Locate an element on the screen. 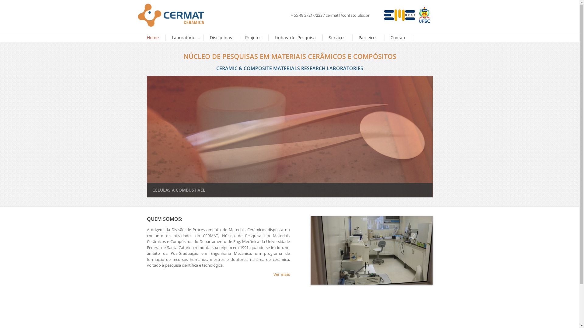 The image size is (584, 328). 'Disciplinas' is located at coordinates (221, 37).